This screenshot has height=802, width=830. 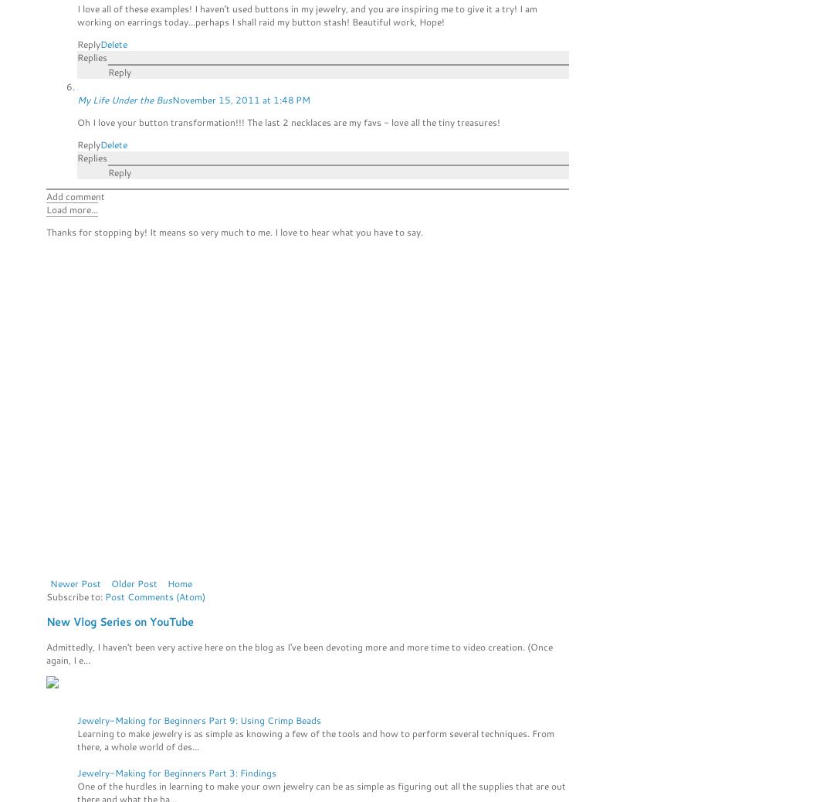 I want to click on 'I love all of these examples! I haven't used buttons in my jewelry, and you are inspiring me to give it a try! I am working on earrings today...perhaps I shall raid my button stash! Beautiful work, Hope!', so click(x=76, y=13).